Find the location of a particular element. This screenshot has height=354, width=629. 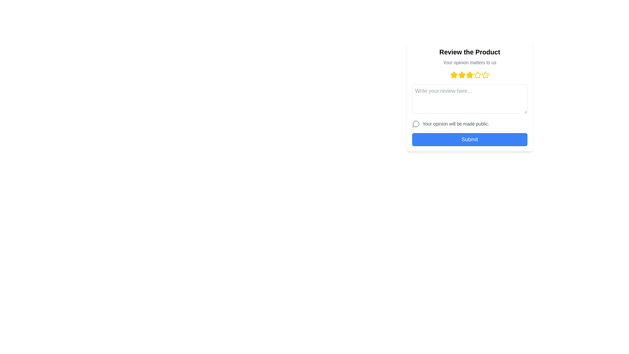

the fourth star icon in the rating system is located at coordinates (477, 74).